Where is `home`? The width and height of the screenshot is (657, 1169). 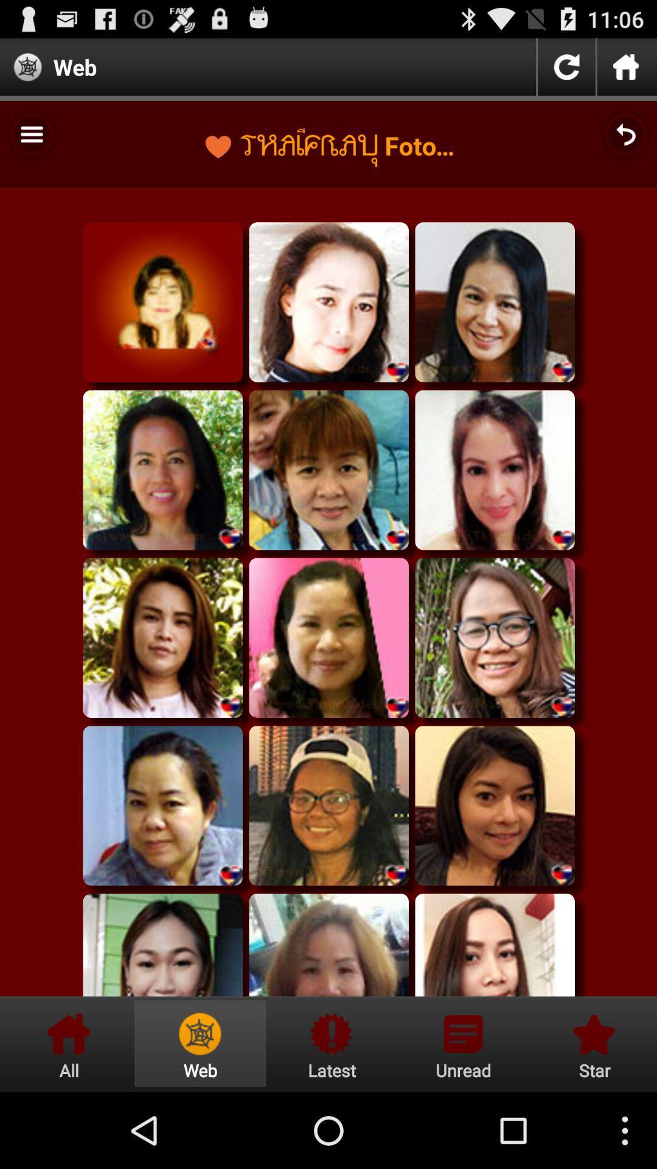 home is located at coordinates (626, 66).